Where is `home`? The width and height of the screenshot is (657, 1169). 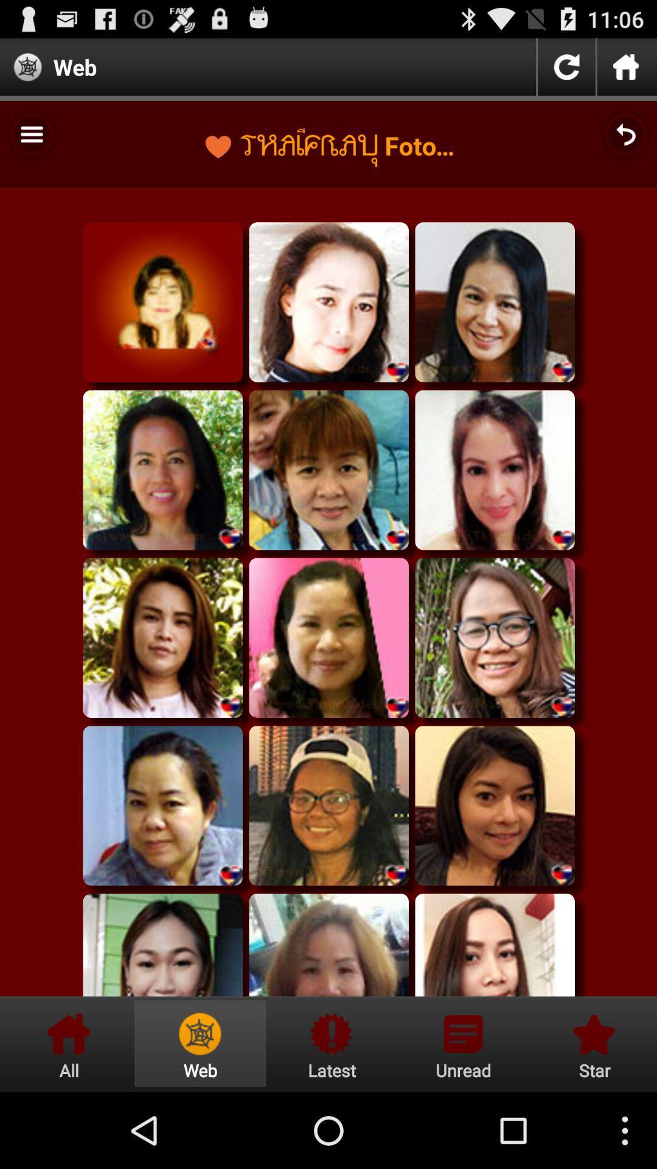 home is located at coordinates (626, 66).